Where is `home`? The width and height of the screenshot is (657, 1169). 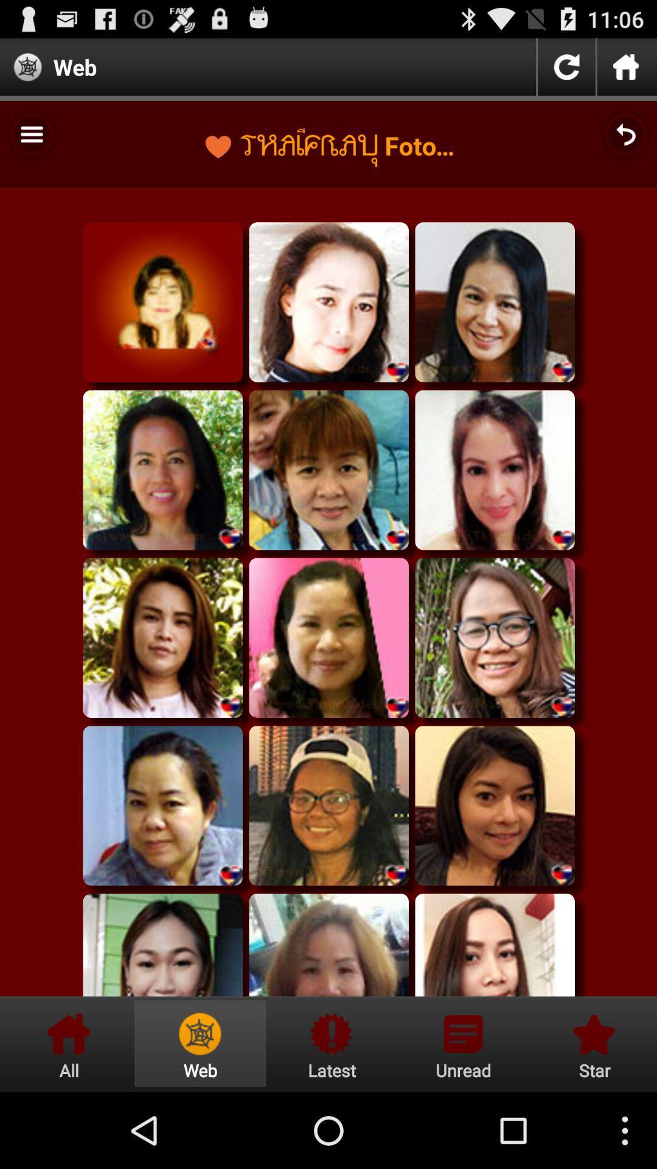 home is located at coordinates (626, 66).